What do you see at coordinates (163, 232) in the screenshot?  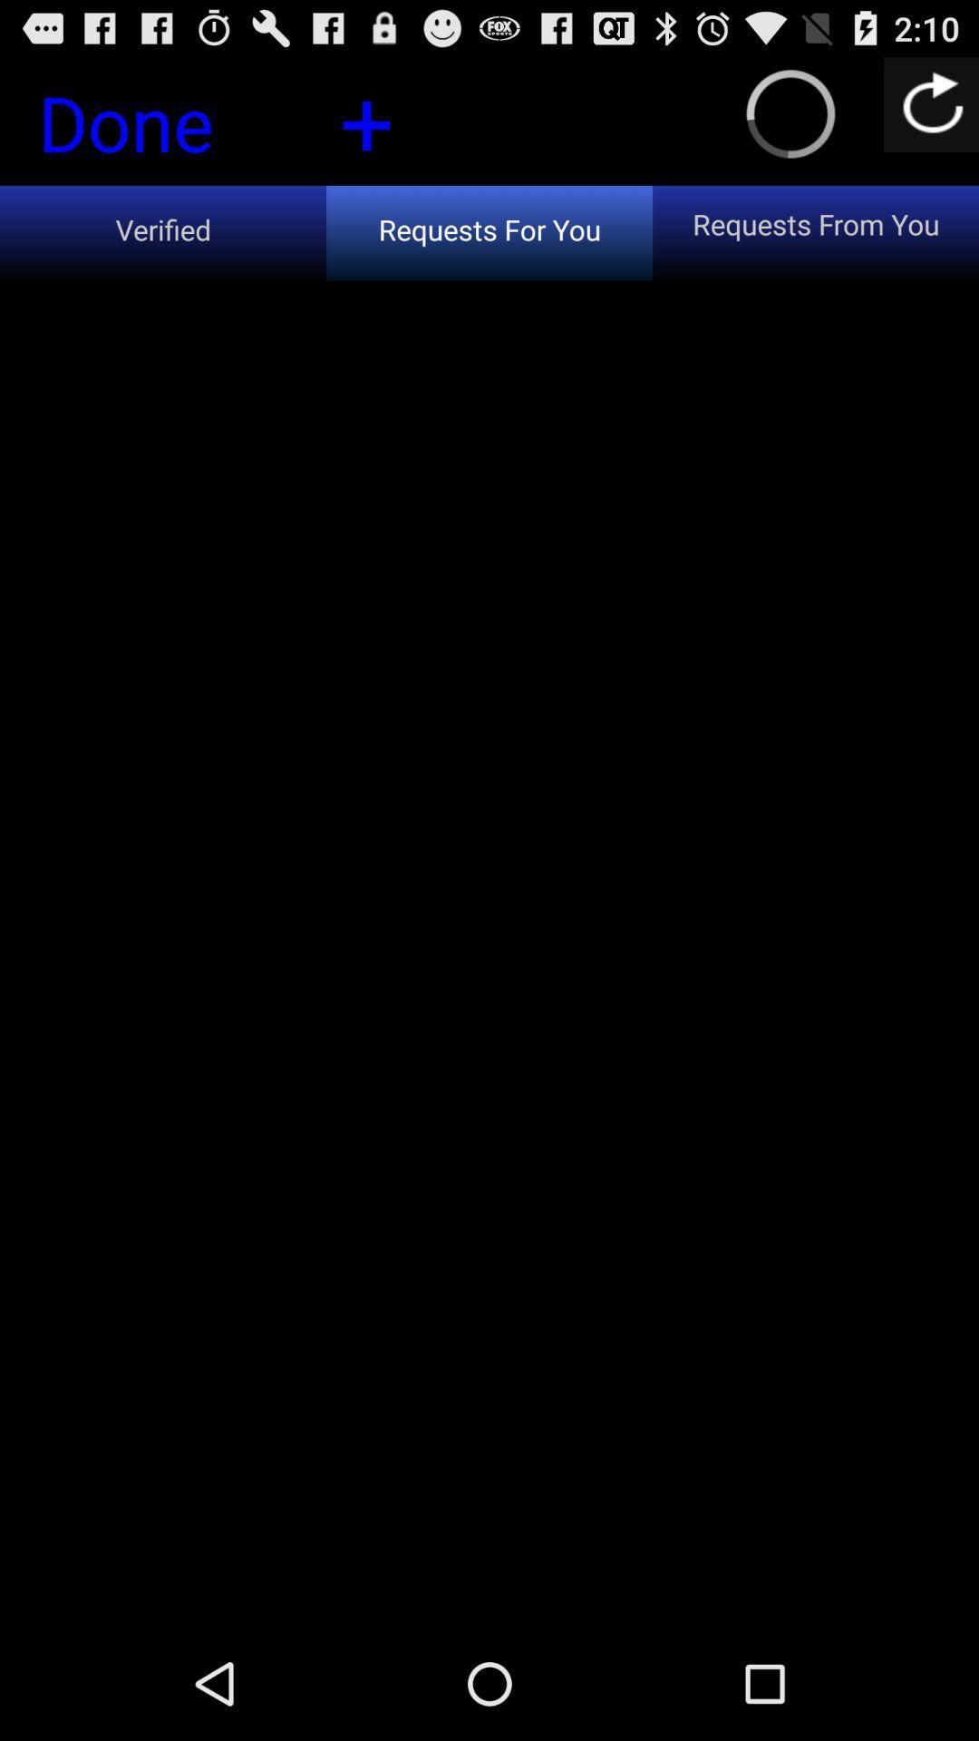 I see `the item next to the requests for you icon` at bounding box center [163, 232].